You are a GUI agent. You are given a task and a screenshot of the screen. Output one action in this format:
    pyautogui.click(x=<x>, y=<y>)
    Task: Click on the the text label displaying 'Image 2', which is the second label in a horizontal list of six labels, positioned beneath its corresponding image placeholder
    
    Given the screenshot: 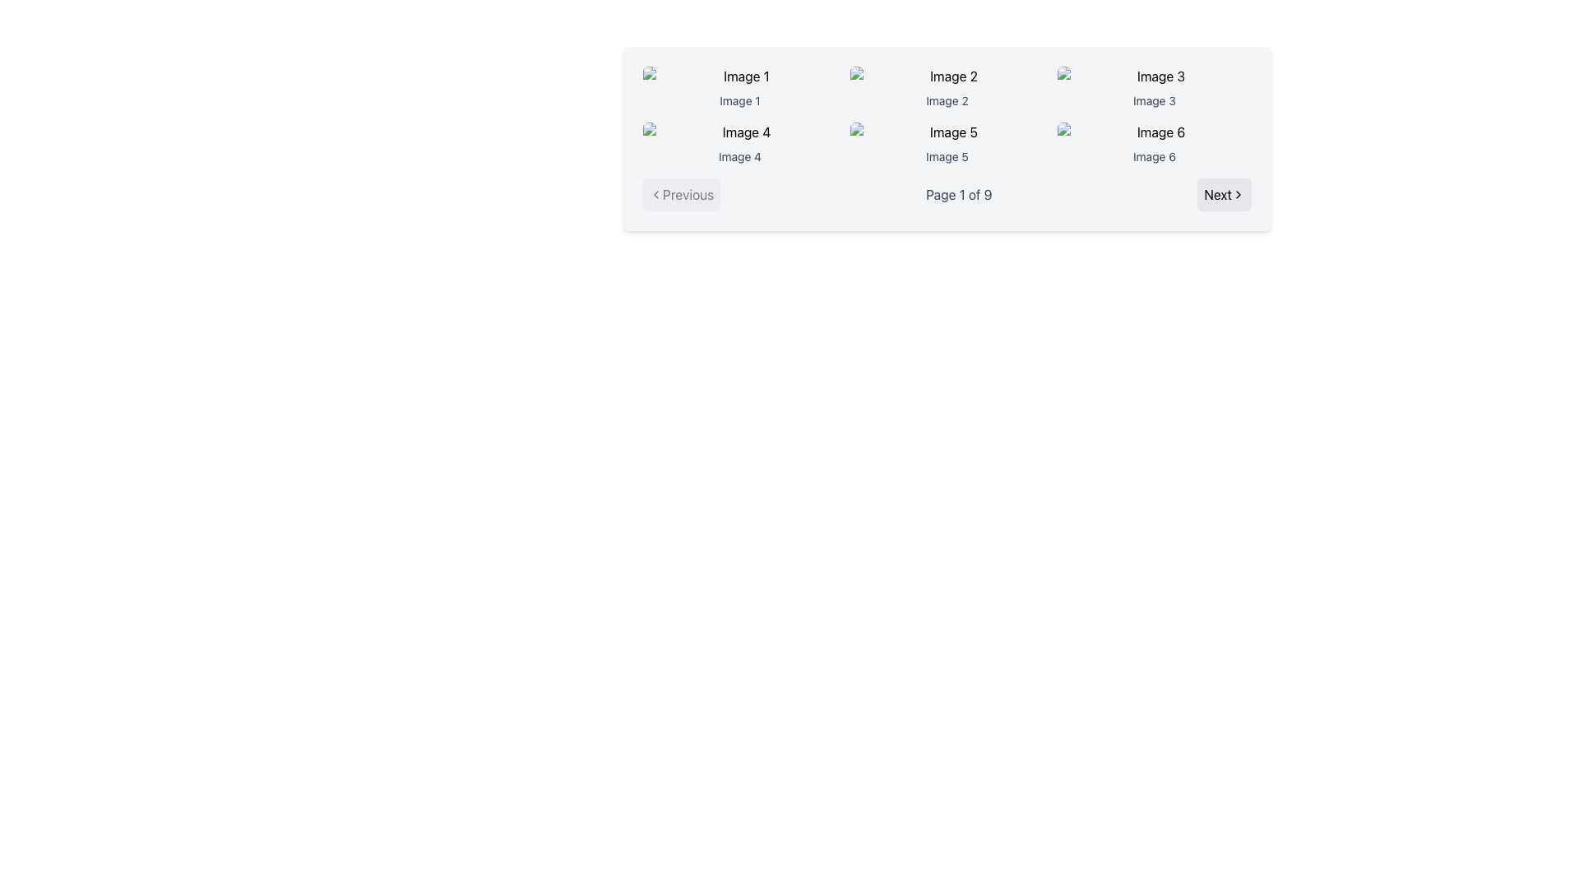 What is the action you would take?
    pyautogui.click(x=947, y=101)
    